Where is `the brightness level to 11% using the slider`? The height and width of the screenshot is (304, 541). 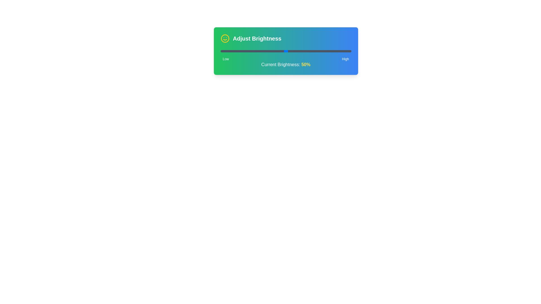
the brightness level to 11% using the slider is located at coordinates (235, 51).